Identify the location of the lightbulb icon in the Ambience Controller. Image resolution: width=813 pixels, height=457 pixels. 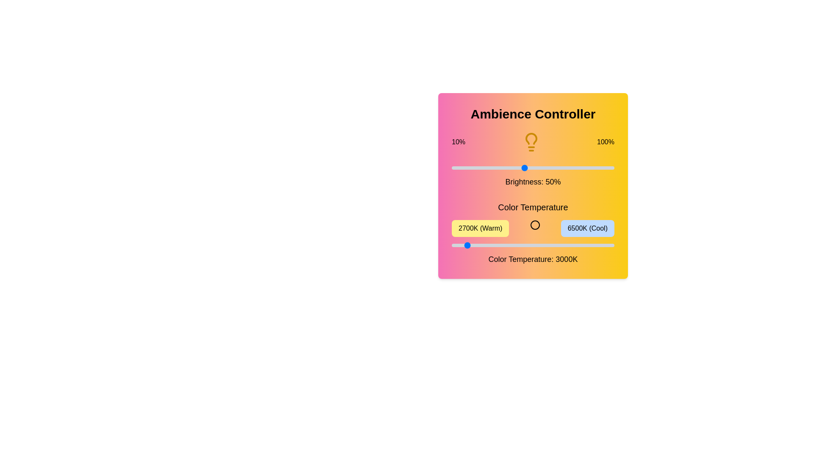
(531, 141).